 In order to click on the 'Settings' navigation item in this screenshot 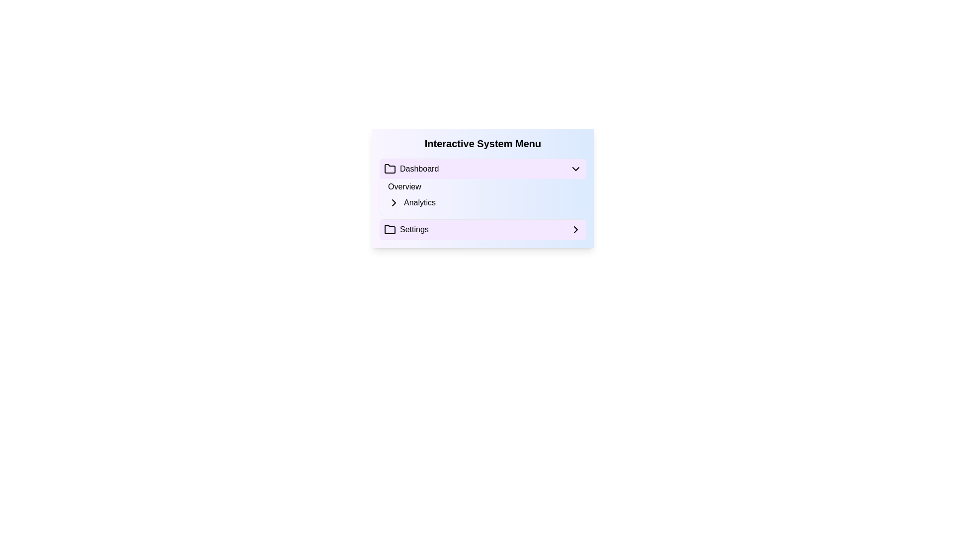, I will do `click(482, 230)`.